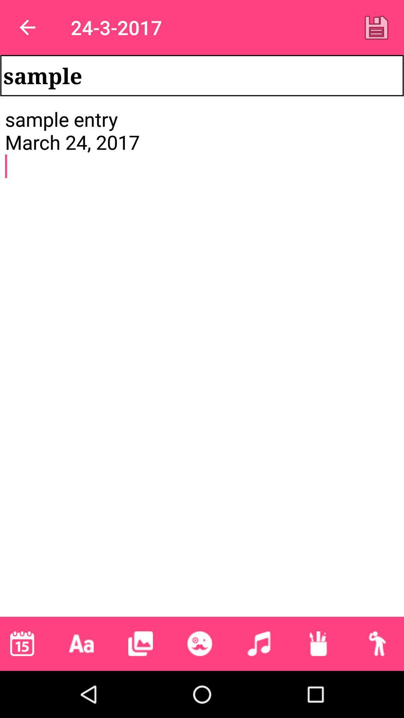 Image resolution: width=404 pixels, height=718 pixels. What do you see at coordinates (318, 643) in the screenshot?
I see `the icon below sample entry march` at bounding box center [318, 643].